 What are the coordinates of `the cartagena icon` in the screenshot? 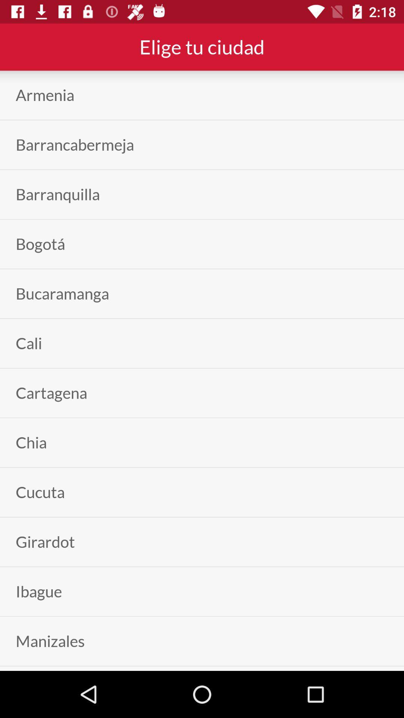 It's located at (51, 393).